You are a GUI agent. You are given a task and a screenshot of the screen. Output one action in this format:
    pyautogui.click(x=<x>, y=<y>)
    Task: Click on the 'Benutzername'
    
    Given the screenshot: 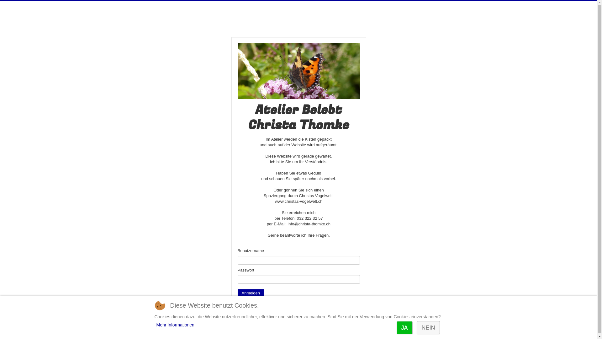 What is the action you would take?
    pyautogui.click(x=298, y=260)
    